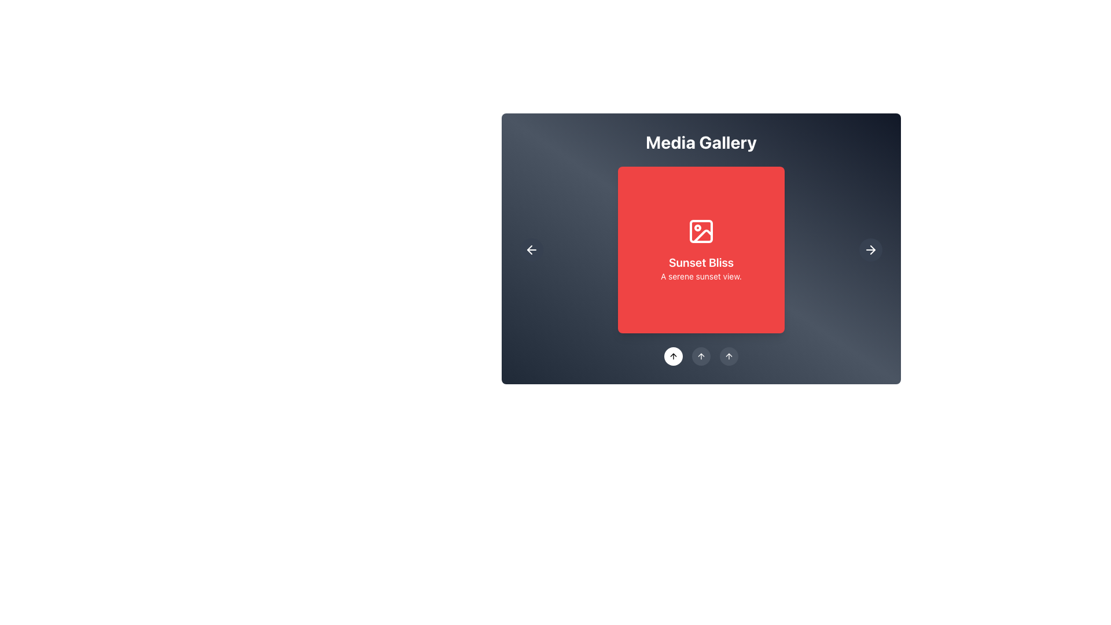  Describe the element at coordinates (871, 249) in the screenshot. I see `the navigation Icon Button located in the lower right part of the dark interface panel` at that location.